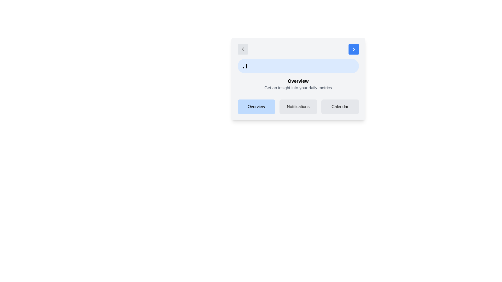 This screenshot has width=502, height=282. I want to click on right navigation button to move to the next step, so click(353, 49).